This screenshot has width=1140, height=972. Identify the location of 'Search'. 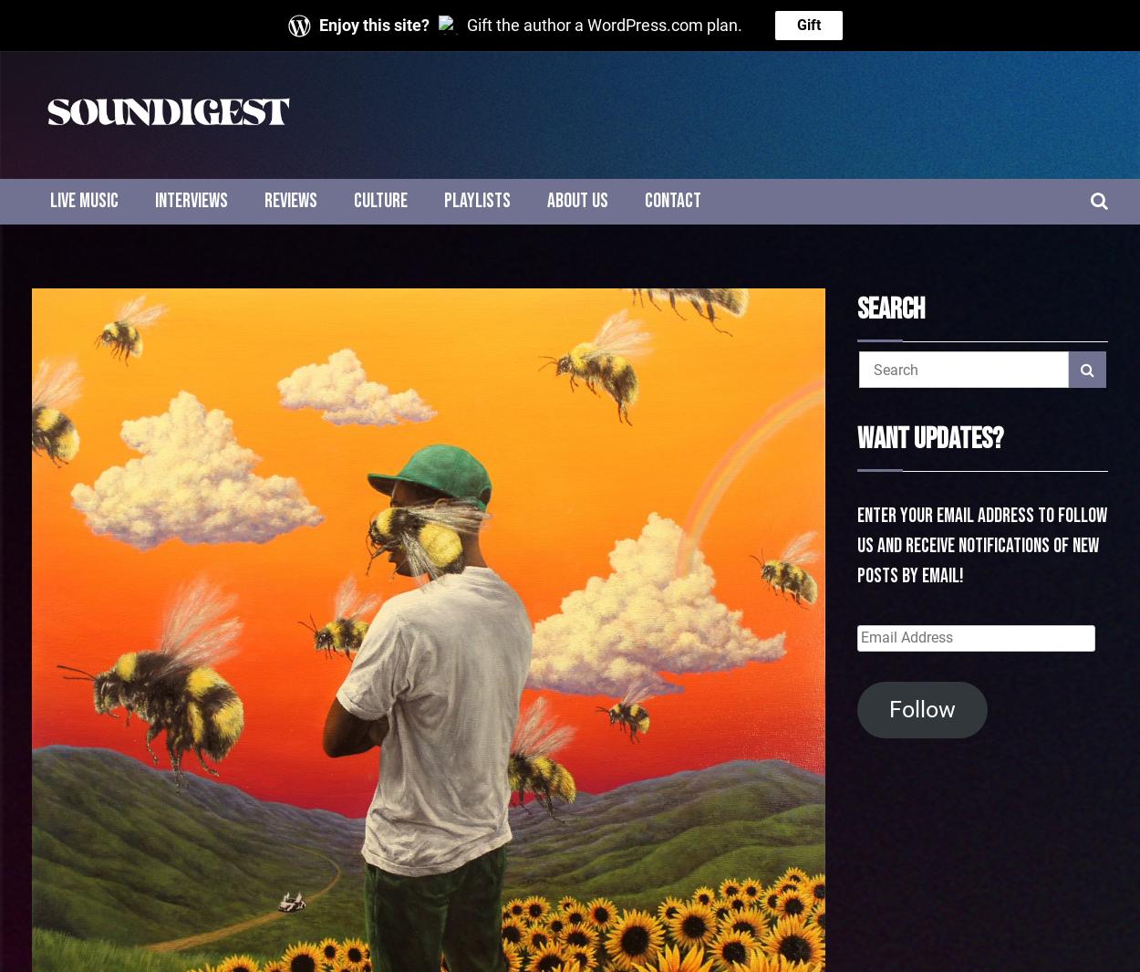
(856, 308).